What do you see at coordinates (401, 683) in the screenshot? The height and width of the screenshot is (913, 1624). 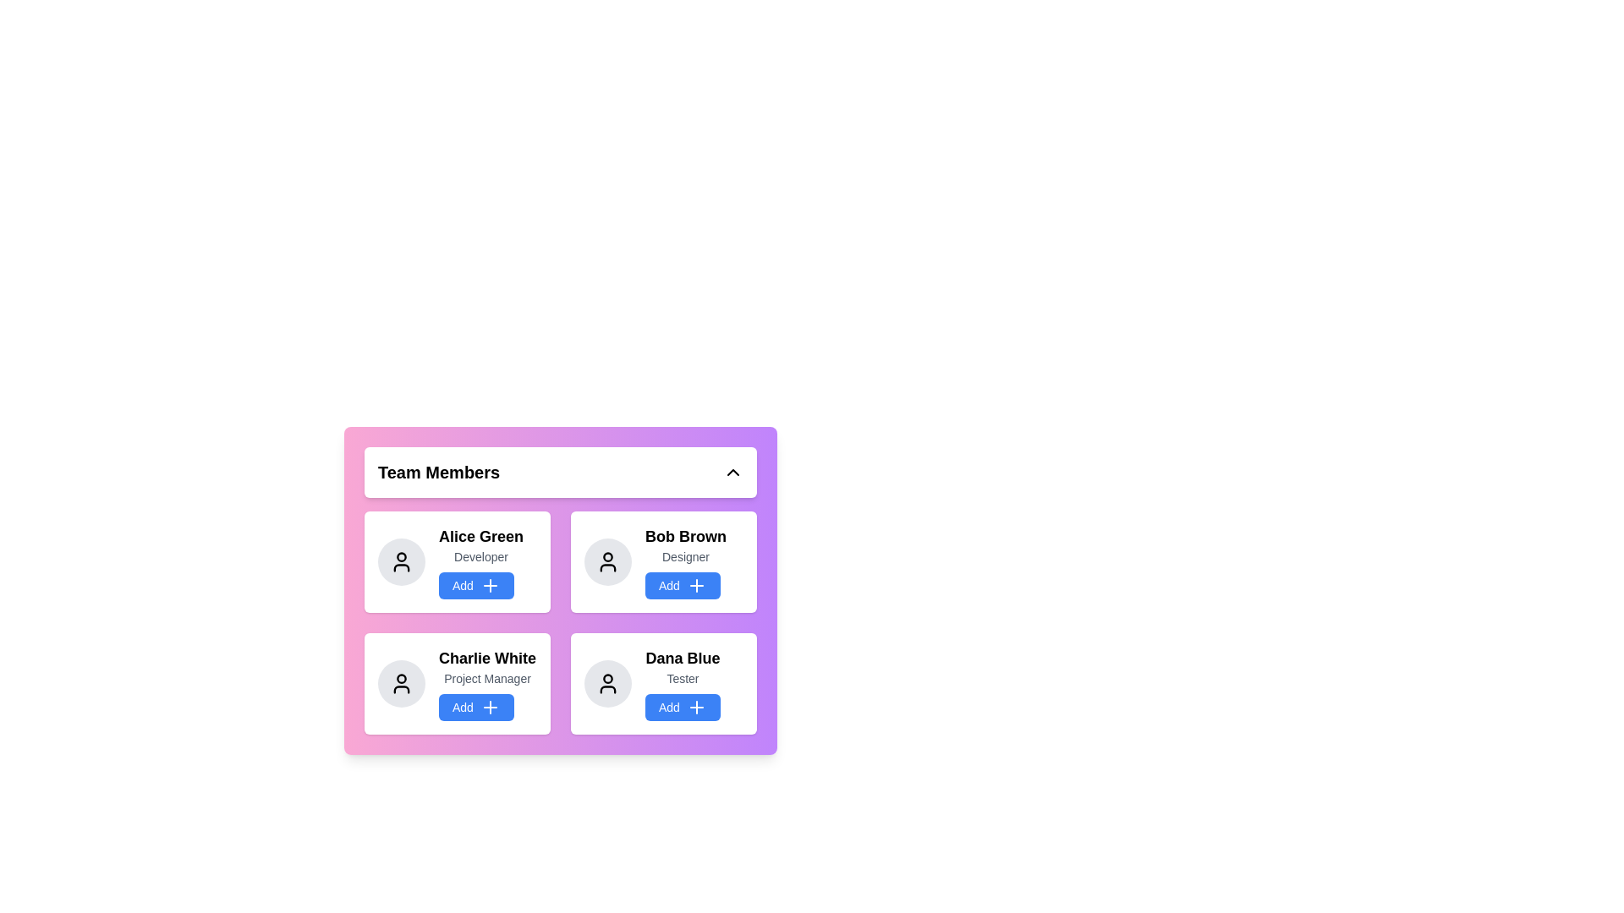 I see `the user avatar icon located on the 'Charlie White' card` at bounding box center [401, 683].